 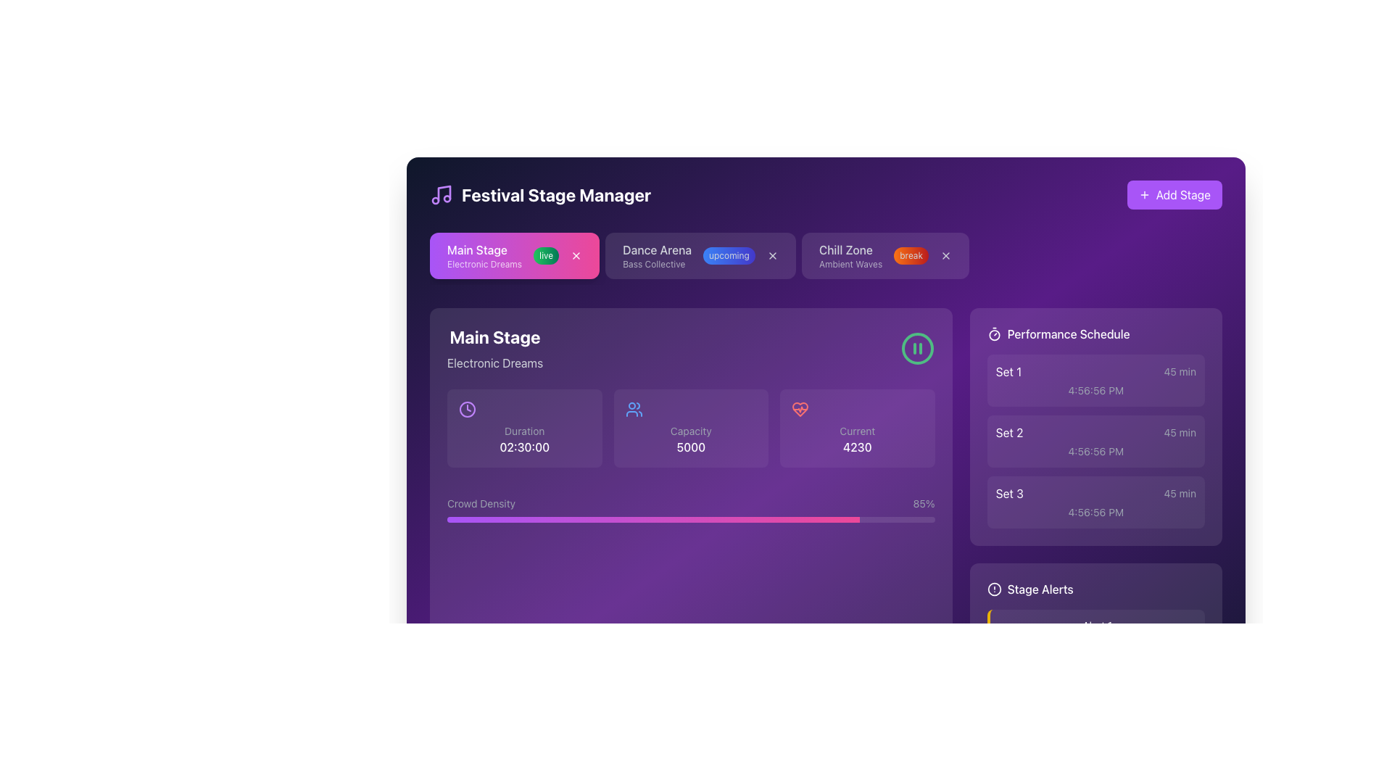 What do you see at coordinates (495, 349) in the screenshot?
I see `the title and subtitle text display element located in the upper left section of the purple panel` at bounding box center [495, 349].